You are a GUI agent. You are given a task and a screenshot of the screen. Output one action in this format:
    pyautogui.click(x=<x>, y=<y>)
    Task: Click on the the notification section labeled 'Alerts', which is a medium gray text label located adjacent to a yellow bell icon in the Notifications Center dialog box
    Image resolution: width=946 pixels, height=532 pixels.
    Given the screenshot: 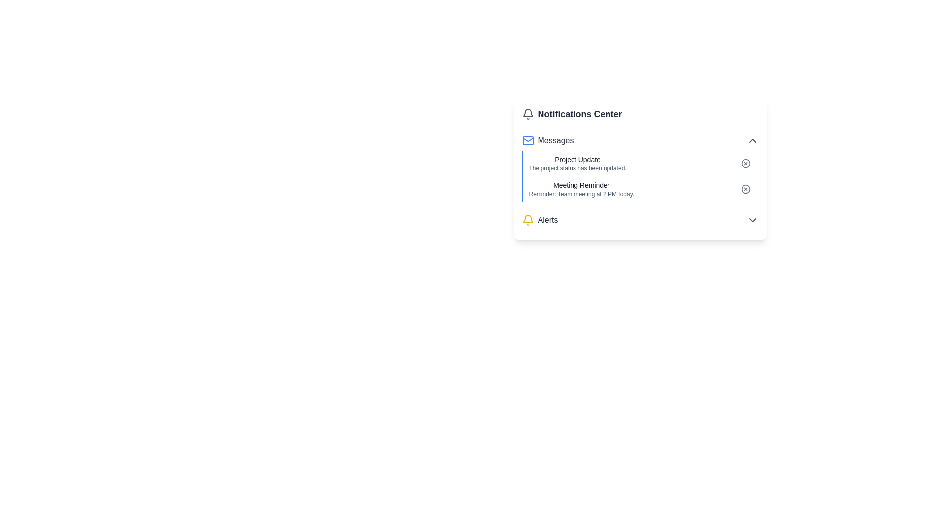 What is the action you would take?
    pyautogui.click(x=547, y=220)
    